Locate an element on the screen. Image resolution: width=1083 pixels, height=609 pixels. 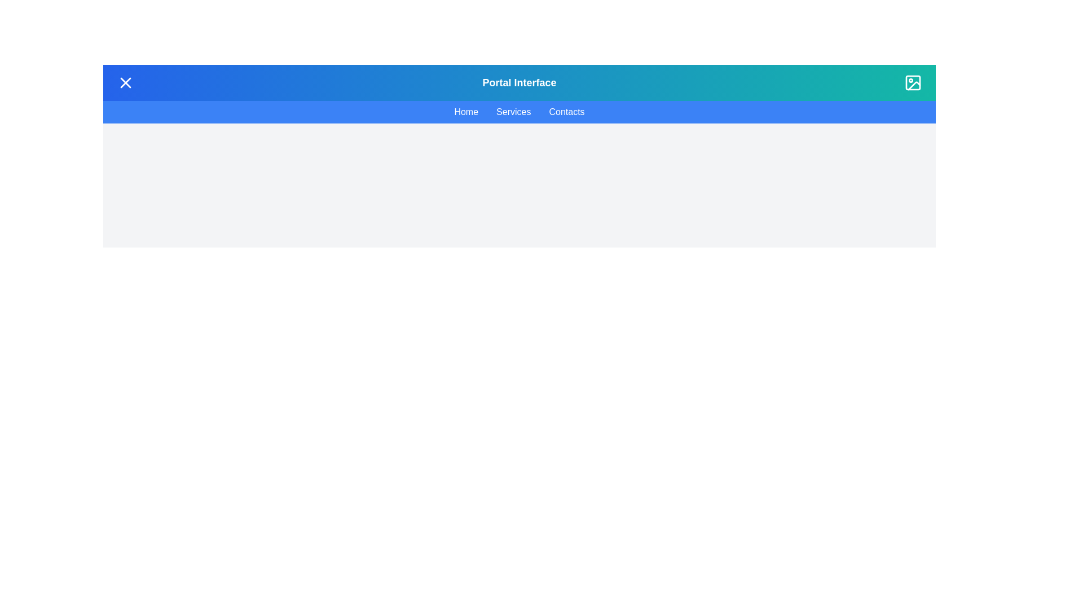
the menu item Contacts to navigate to the respective section is located at coordinates (566, 112).